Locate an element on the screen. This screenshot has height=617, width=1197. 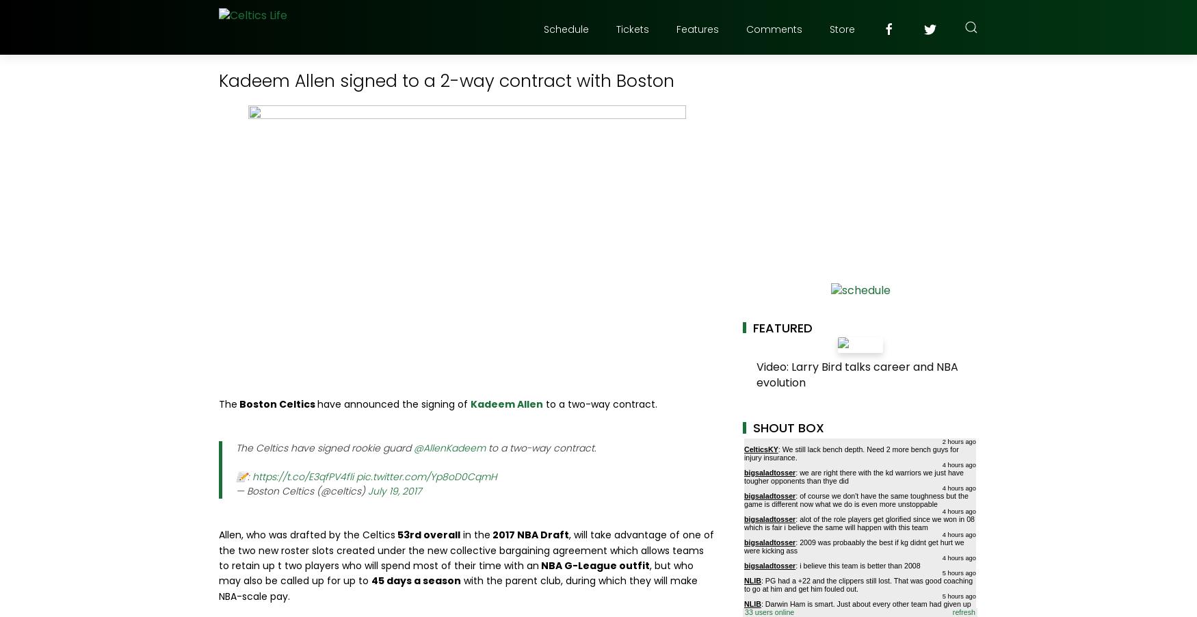
', but who may also be called up for up to' is located at coordinates (455, 573).